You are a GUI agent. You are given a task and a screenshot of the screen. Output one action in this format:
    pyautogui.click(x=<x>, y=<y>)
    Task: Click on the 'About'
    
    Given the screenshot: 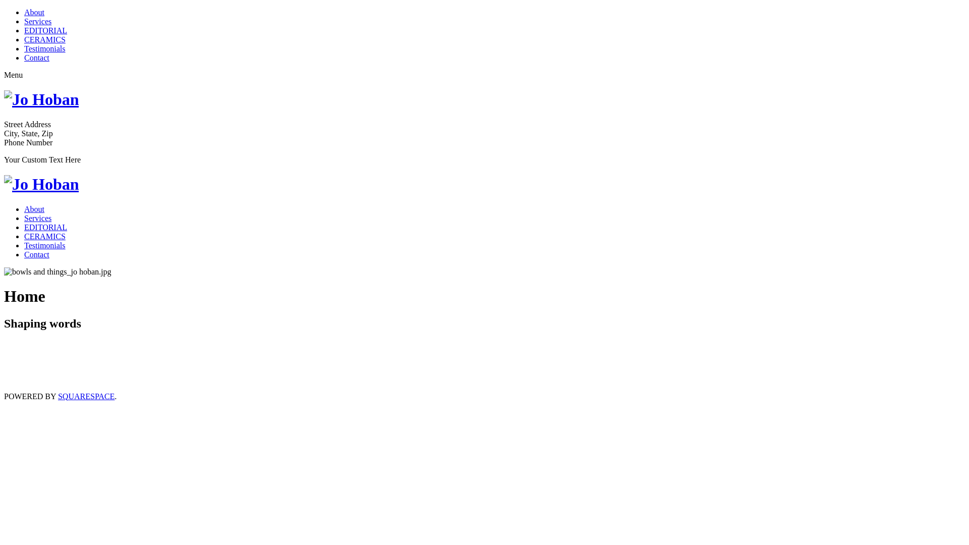 What is the action you would take?
    pyautogui.click(x=24, y=208)
    